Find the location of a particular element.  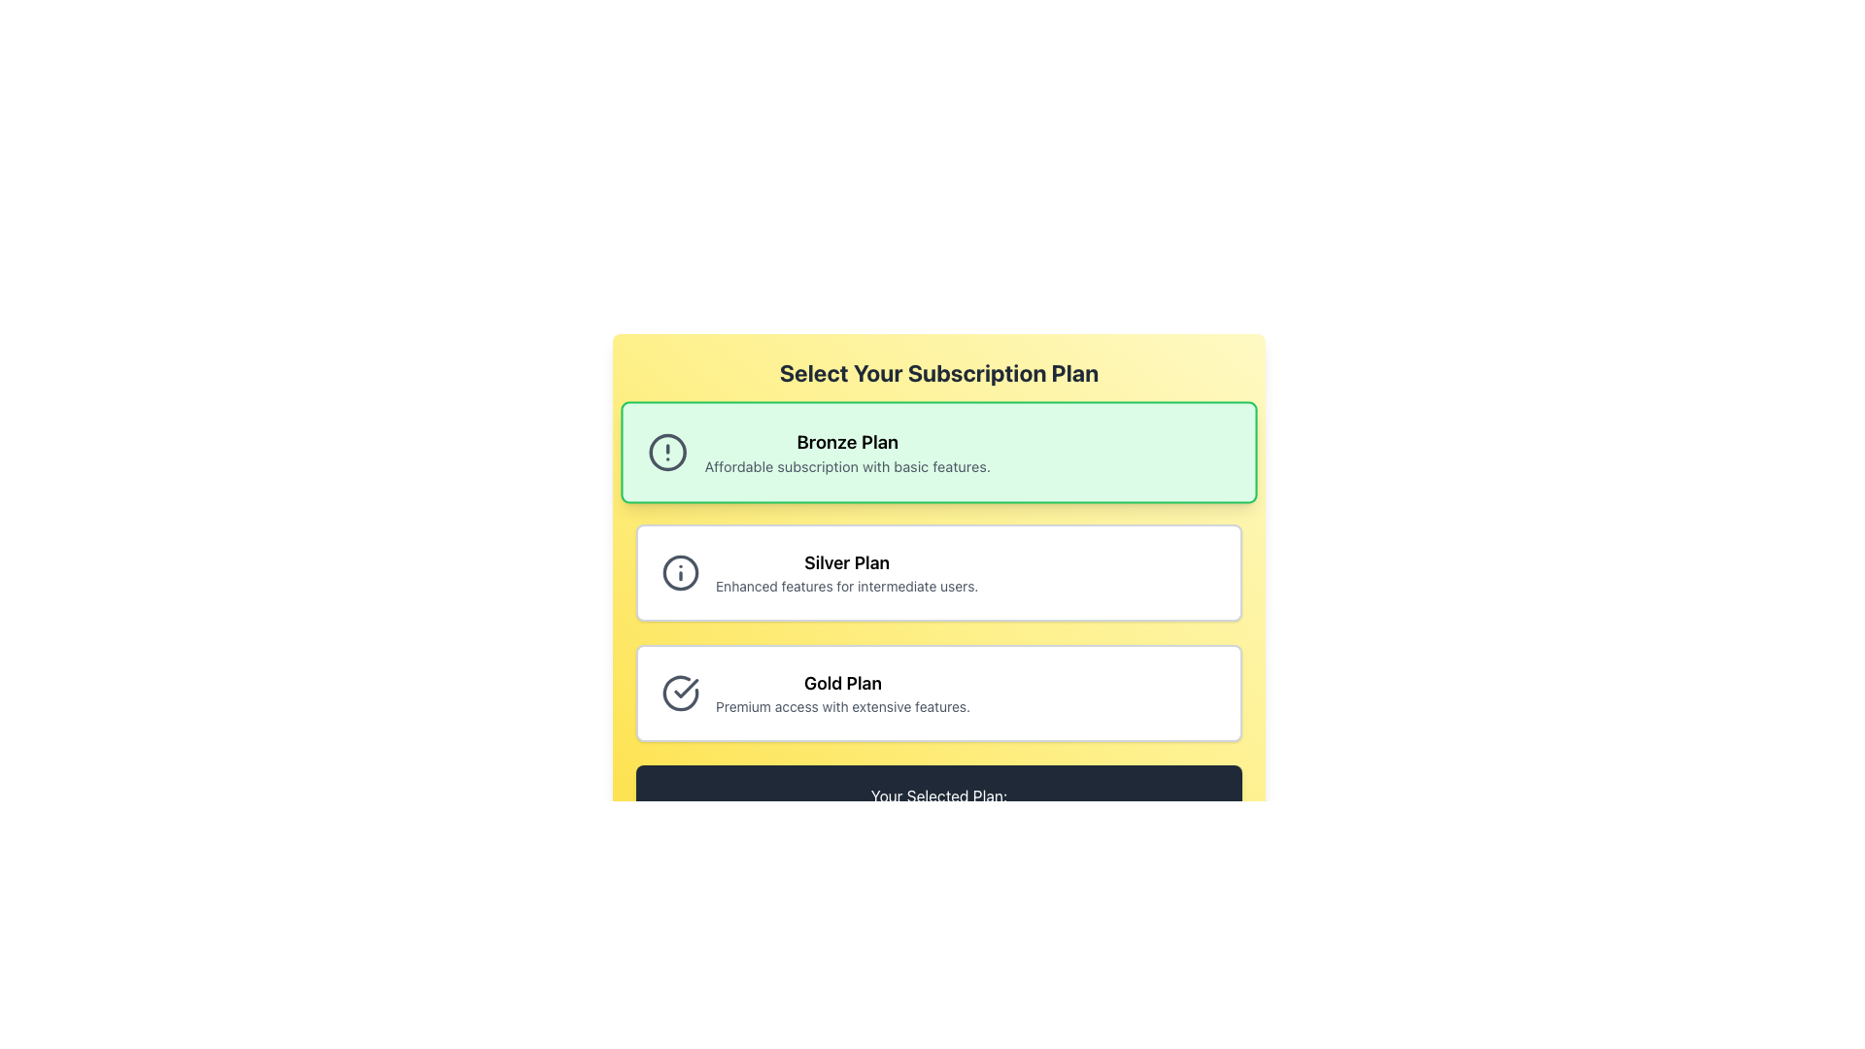

the 'Silver Plan' text element, which displays bold text for the plan name and smaller gray text for features, located in the middle section of the selectable plans is located at coordinates (847, 572).